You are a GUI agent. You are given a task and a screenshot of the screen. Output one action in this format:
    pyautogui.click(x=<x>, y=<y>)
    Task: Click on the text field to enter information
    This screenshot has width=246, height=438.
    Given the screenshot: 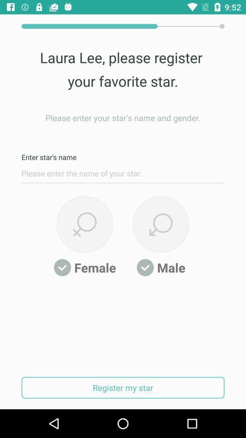 What is the action you would take?
    pyautogui.click(x=123, y=175)
    